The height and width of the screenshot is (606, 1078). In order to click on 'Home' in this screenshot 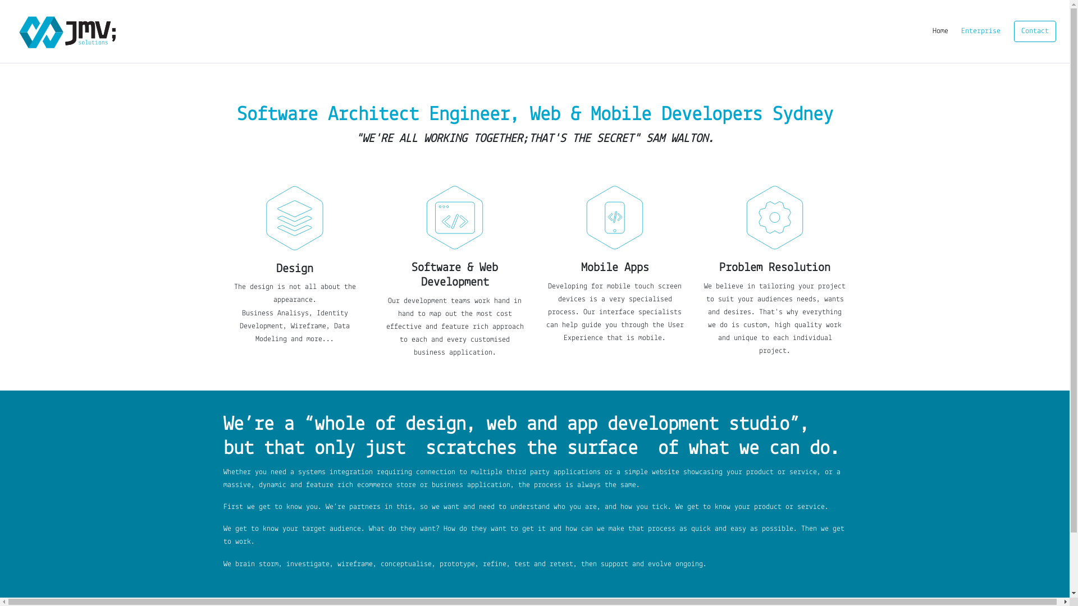, I will do `click(940, 30)`.